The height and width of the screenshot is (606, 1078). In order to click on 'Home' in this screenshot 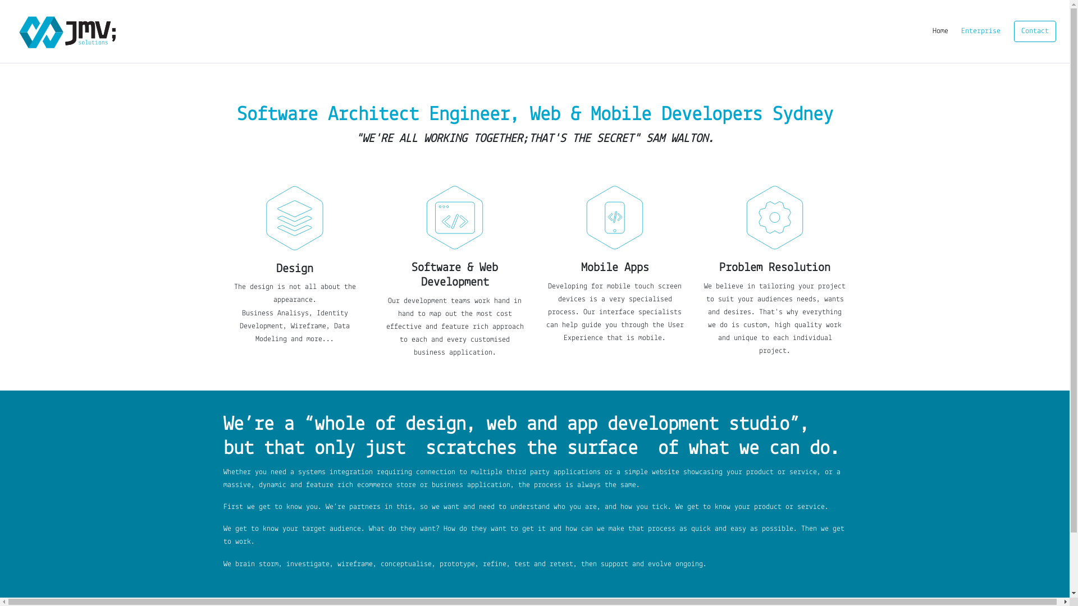, I will do `click(940, 30)`.